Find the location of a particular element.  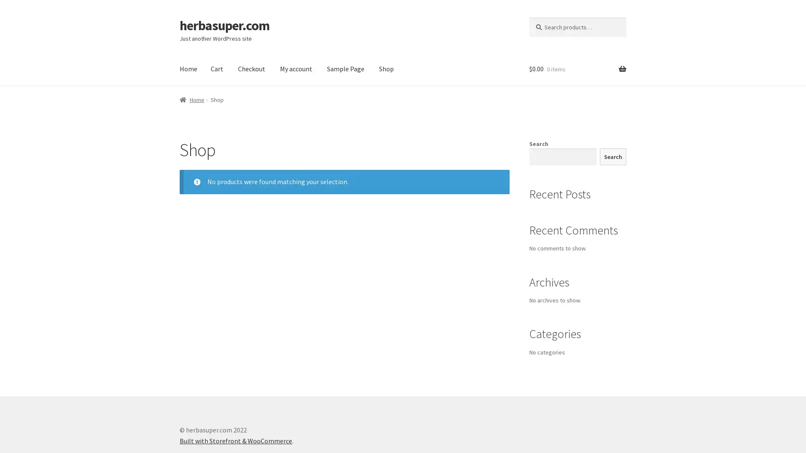

Search is located at coordinates (612, 157).